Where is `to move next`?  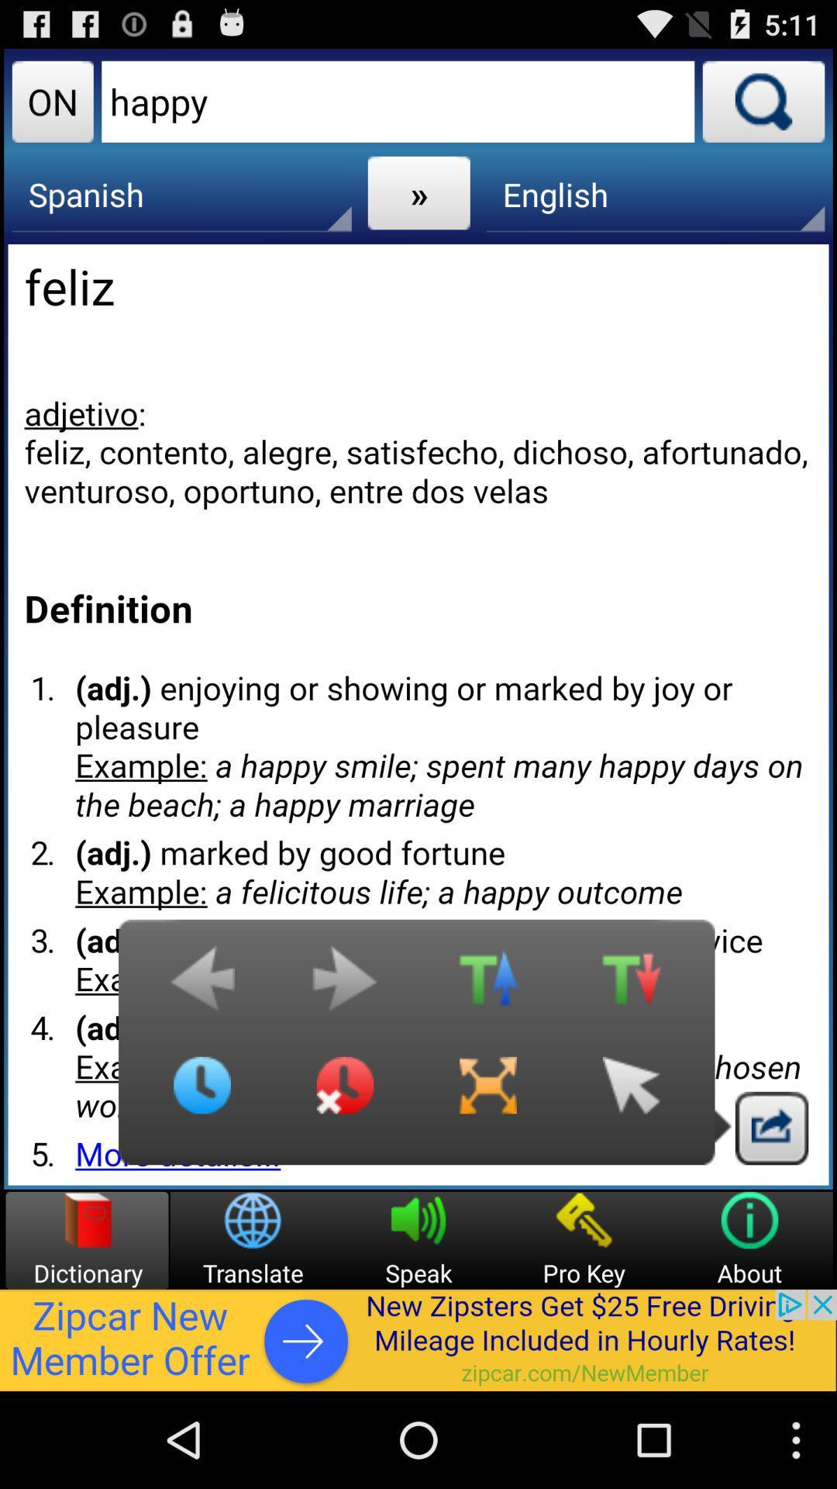 to move next is located at coordinates (344, 986).